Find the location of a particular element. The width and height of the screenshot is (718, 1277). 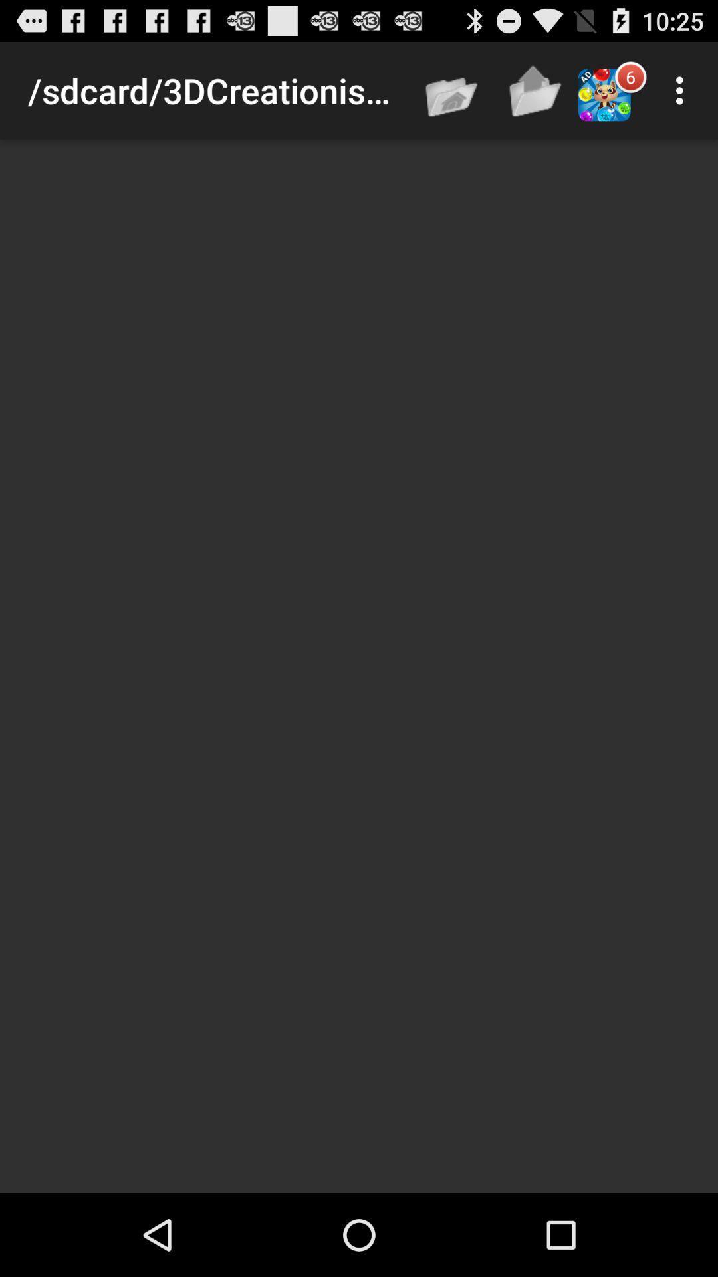

the item to the right of sdcard 3dcreationist saved_1 item is located at coordinates (452, 90).